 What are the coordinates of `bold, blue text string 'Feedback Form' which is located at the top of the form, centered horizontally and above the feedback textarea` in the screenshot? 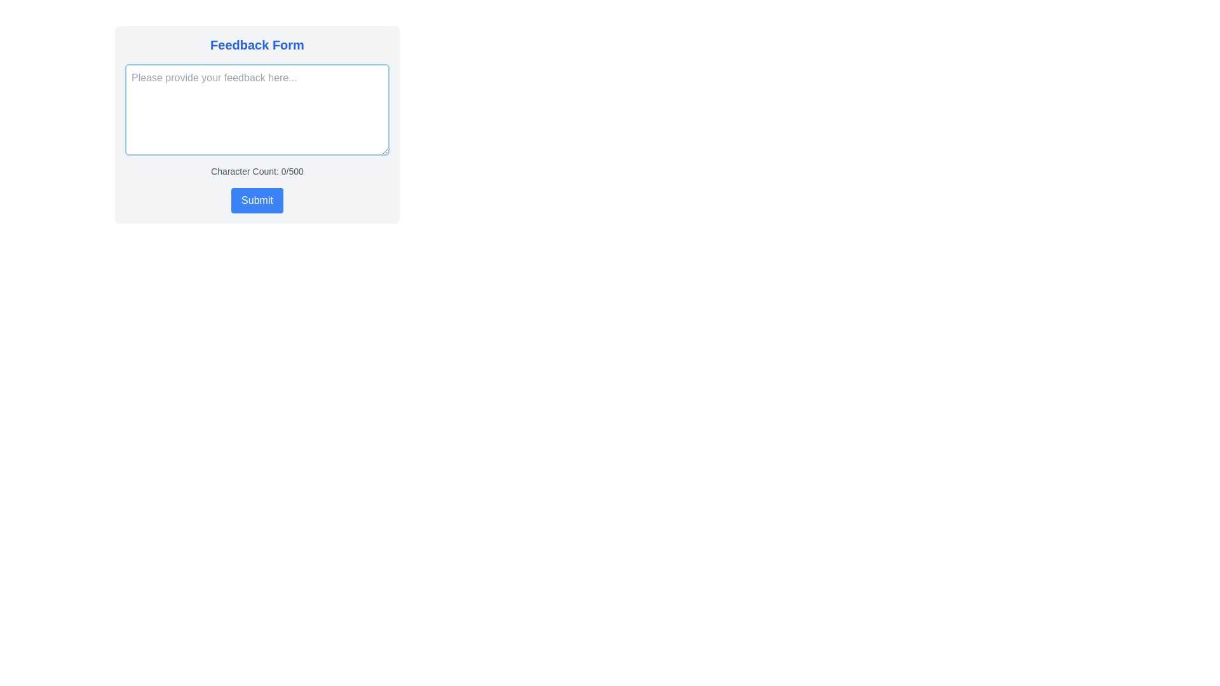 It's located at (256, 44).